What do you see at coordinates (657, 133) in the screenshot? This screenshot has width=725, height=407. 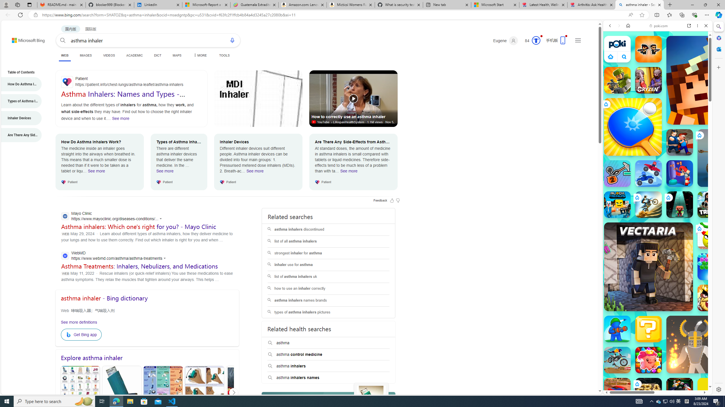 I see `'Car Games'` at bounding box center [657, 133].